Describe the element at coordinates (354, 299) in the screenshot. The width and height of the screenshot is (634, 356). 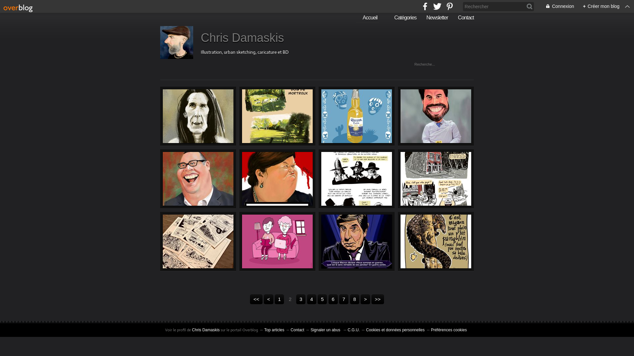
I see `'8'` at that location.